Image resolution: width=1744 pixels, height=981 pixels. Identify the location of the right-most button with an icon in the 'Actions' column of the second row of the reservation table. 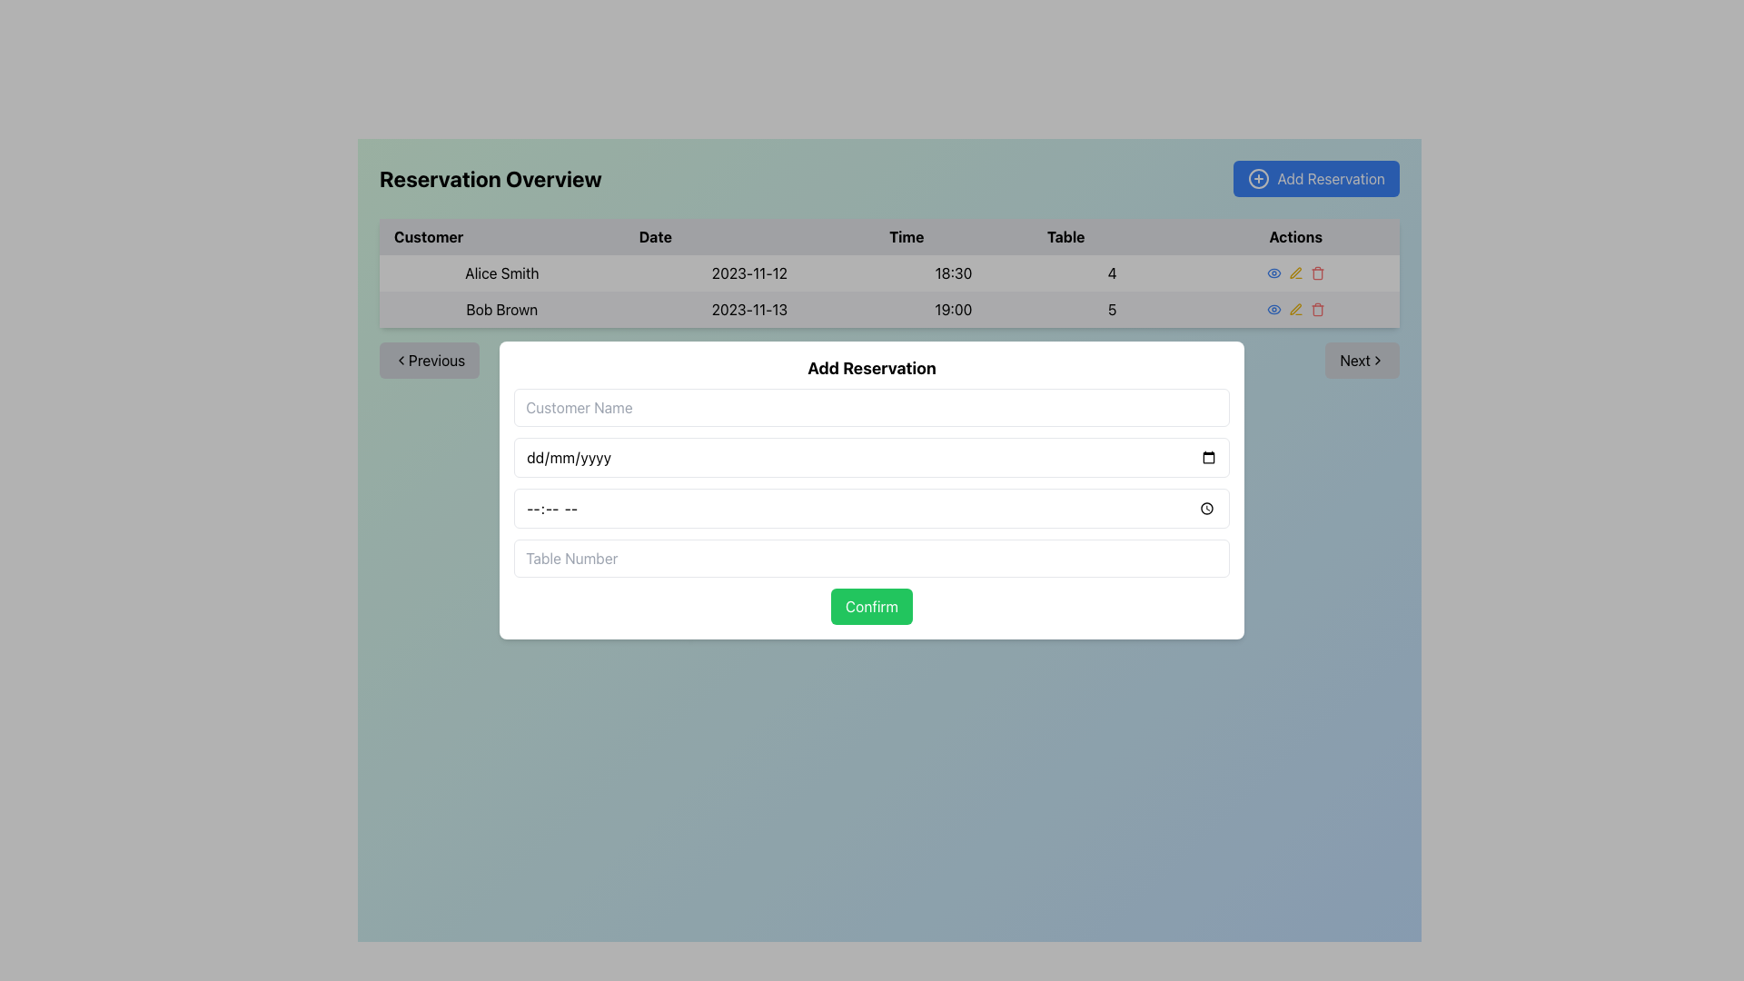
(1317, 308).